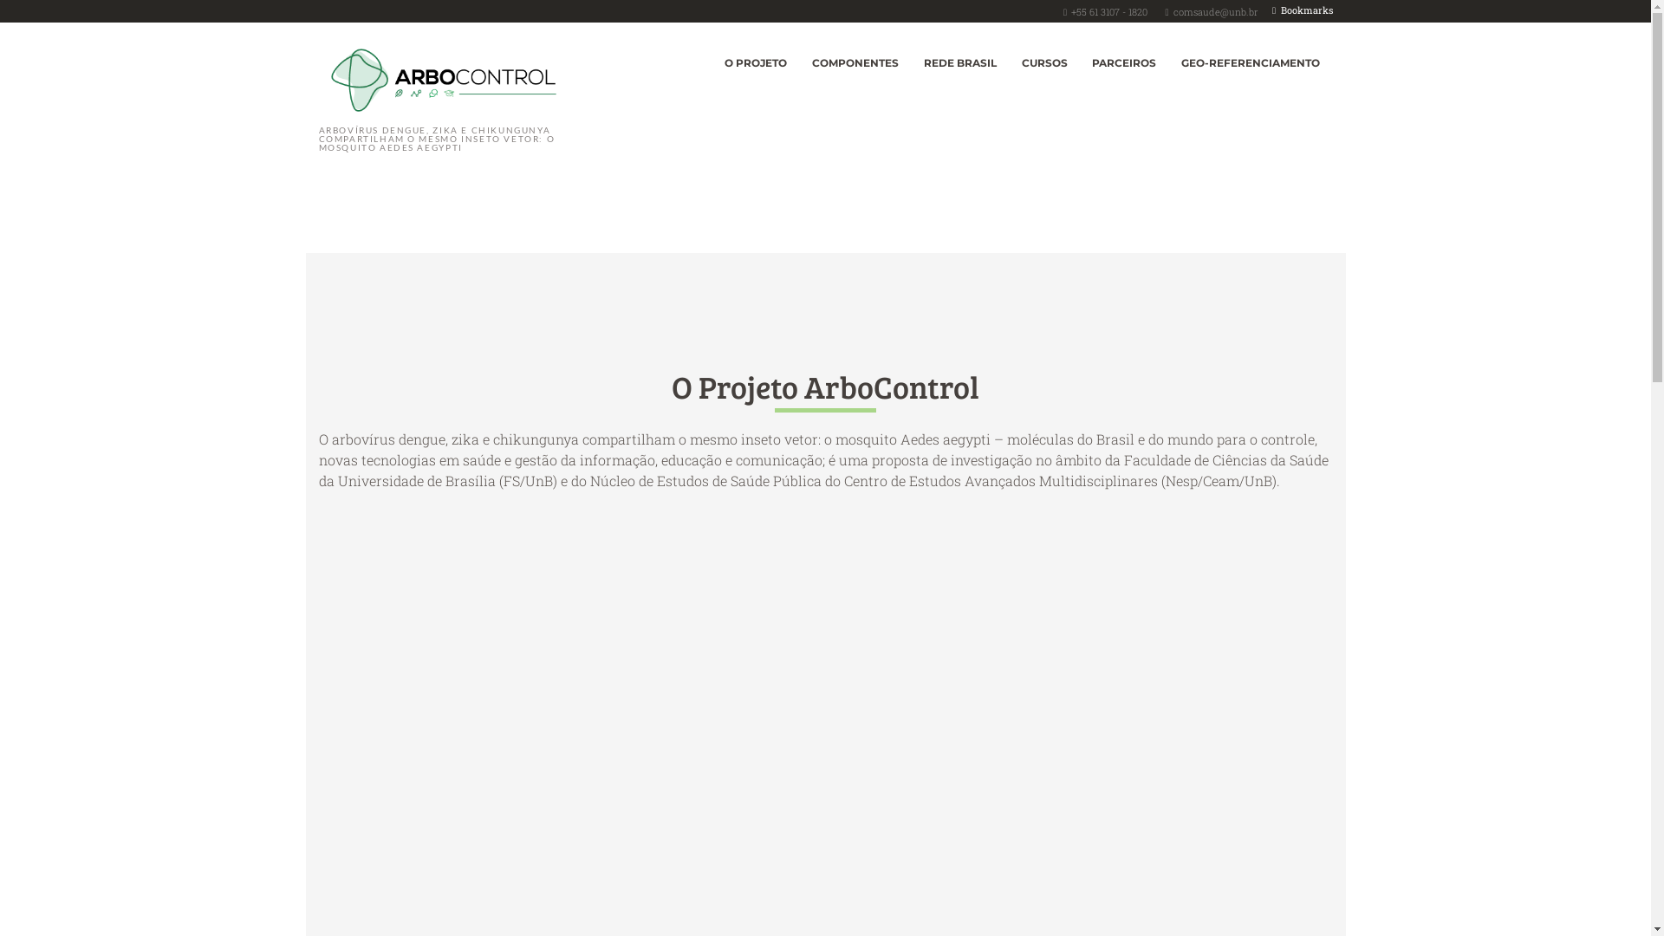 Image resolution: width=1664 pixels, height=936 pixels. I want to click on '+55 61 3107 - 1820', so click(1109, 11).